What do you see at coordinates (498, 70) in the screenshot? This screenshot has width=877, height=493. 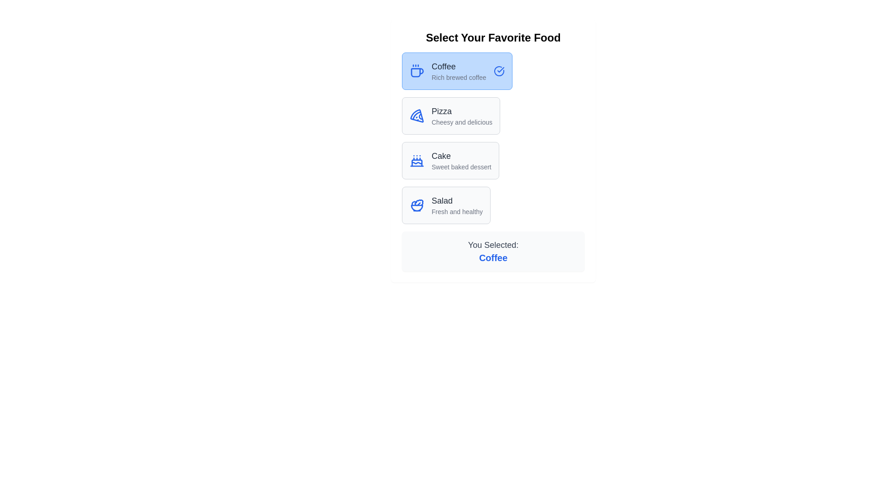 I see `the circular part of the checkmark icon indicating selection for the Coffee option in the menu, located within the blue-highlighted selection bar` at bounding box center [498, 70].